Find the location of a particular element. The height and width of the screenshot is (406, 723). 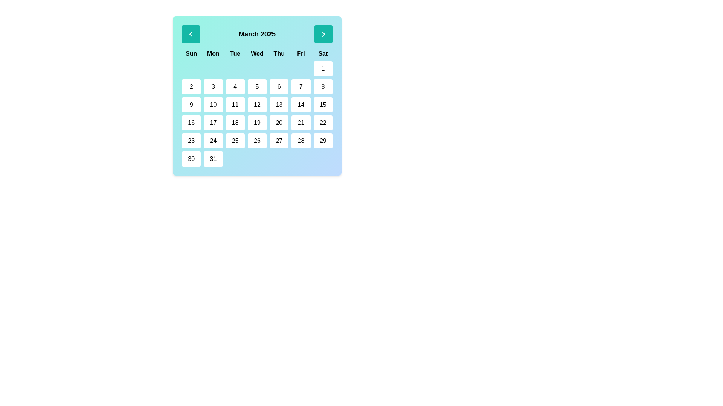

the rounded white button labeled '21' in the calendar for March 2025 is located at coordinates (300, 123).